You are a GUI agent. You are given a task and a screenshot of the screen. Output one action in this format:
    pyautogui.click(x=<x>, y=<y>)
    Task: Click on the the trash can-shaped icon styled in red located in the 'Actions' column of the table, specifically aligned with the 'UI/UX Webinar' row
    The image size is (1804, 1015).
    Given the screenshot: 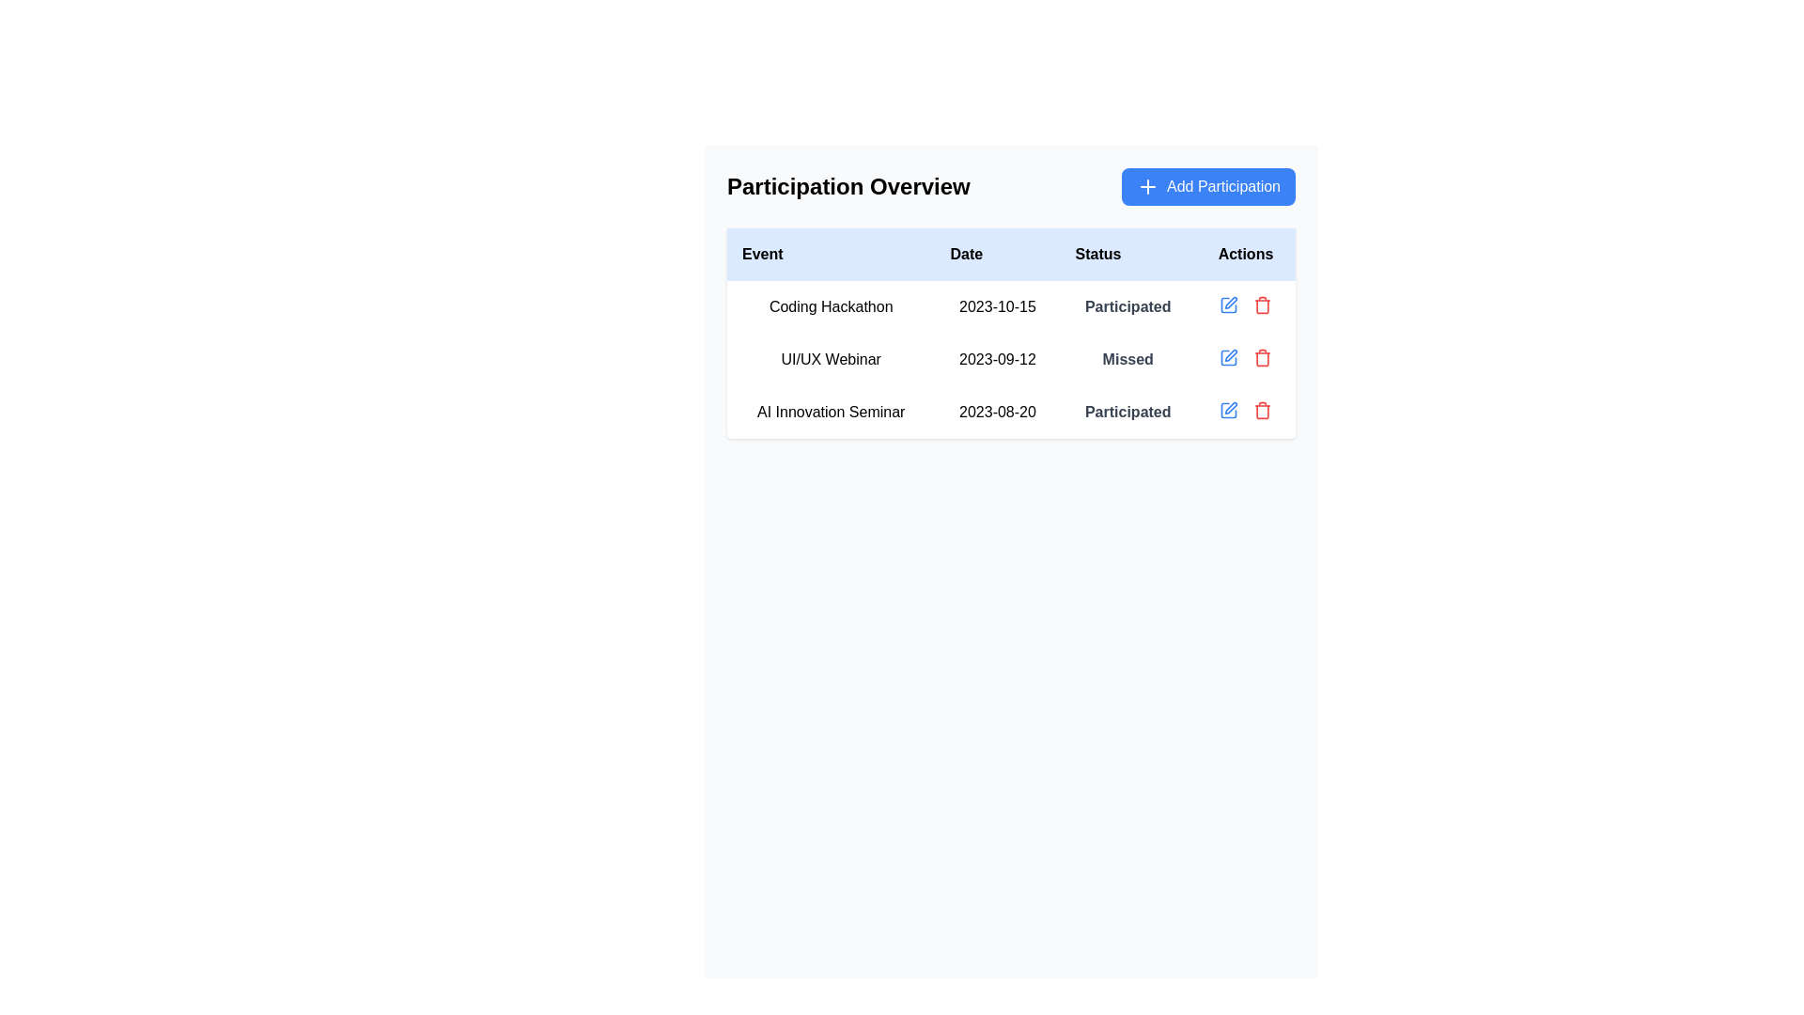 What is the action you would take?
    pyautogui.click(x=1263, y=358)
    